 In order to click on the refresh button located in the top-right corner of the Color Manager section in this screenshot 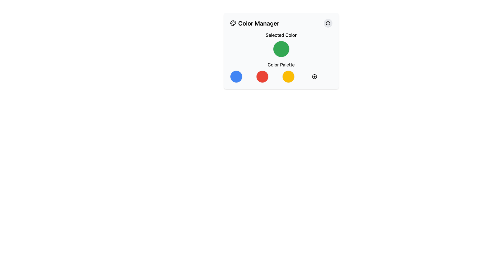, I will do `click(328, 23)`.